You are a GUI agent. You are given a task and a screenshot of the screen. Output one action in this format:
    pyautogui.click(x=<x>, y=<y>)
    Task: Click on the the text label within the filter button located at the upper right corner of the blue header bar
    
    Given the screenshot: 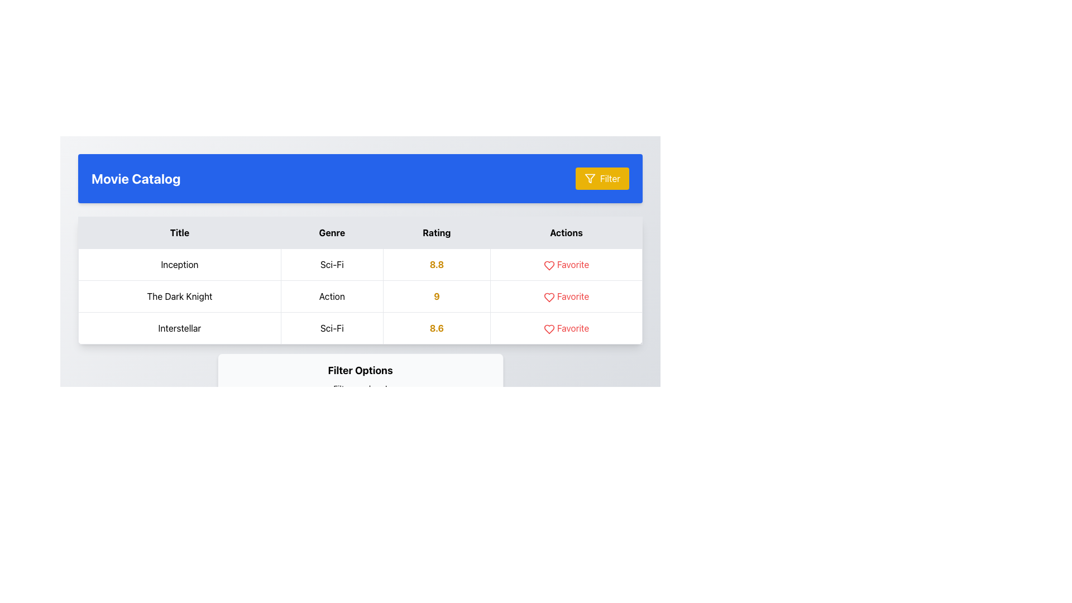 What is the action you would take?
    pyautogui.click(x=609, y=178)
    